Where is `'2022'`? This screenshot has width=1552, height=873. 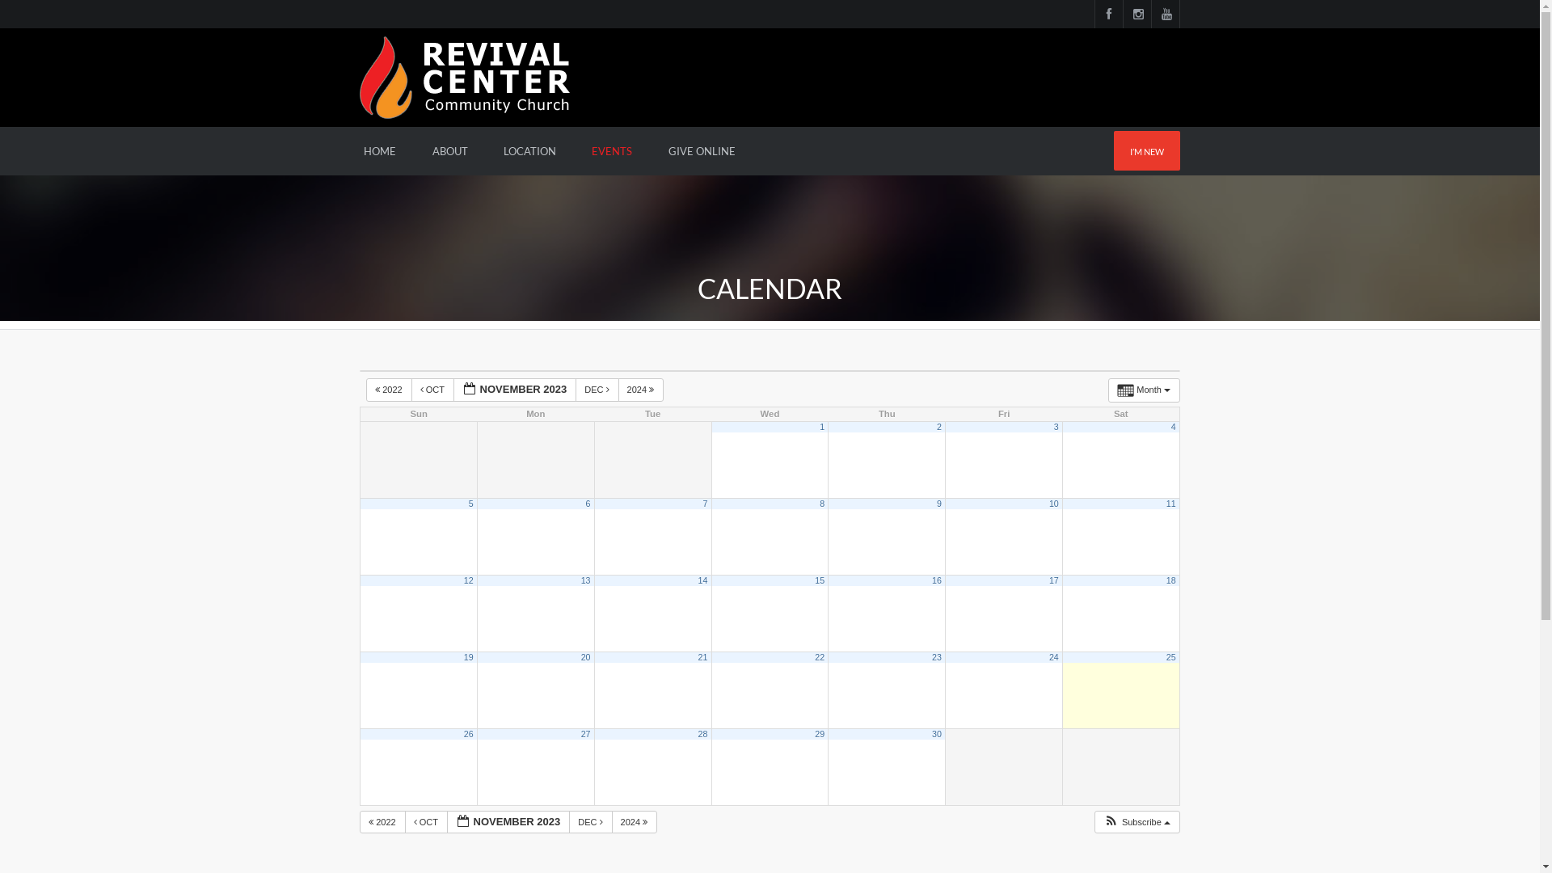 '2022' is located at coordinates (382, 822).